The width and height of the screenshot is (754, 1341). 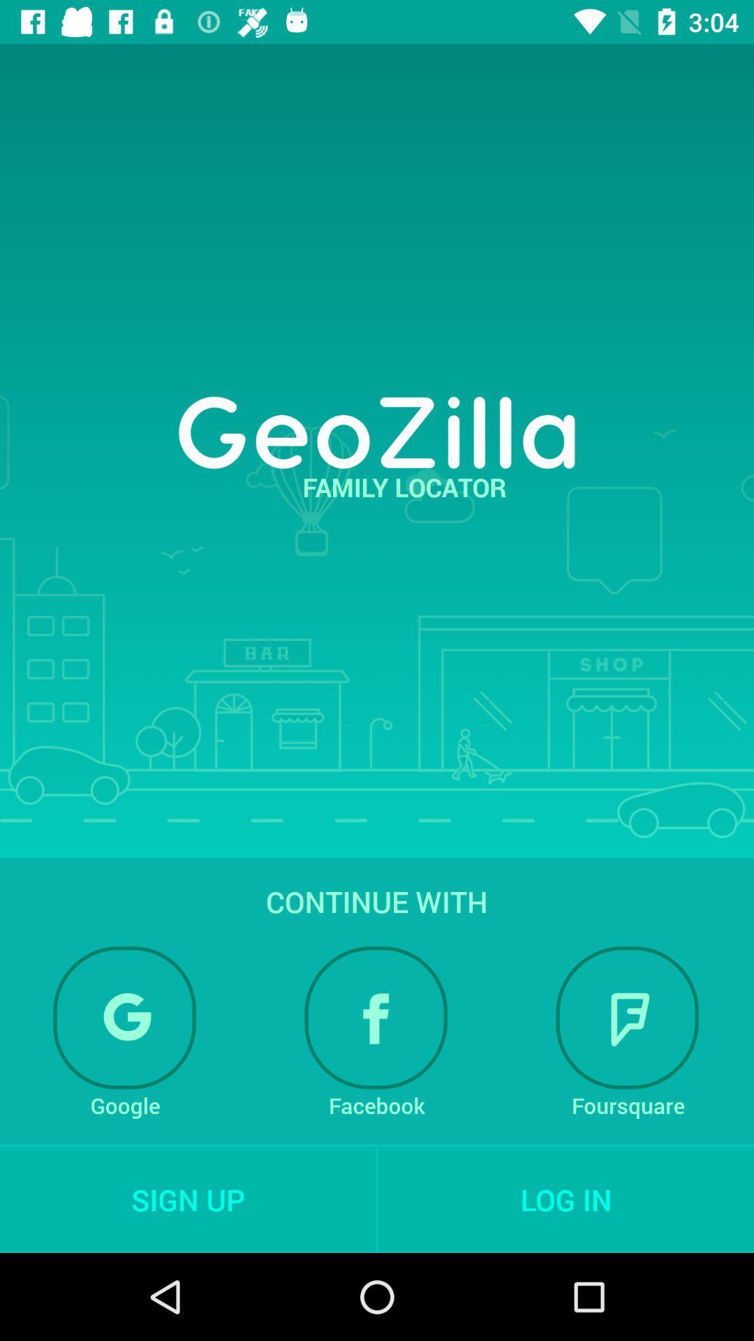 What do you see at coordinates (187, 1199) in the screenshot?
I see `sign up icon` at bounding box center [187, 1199].